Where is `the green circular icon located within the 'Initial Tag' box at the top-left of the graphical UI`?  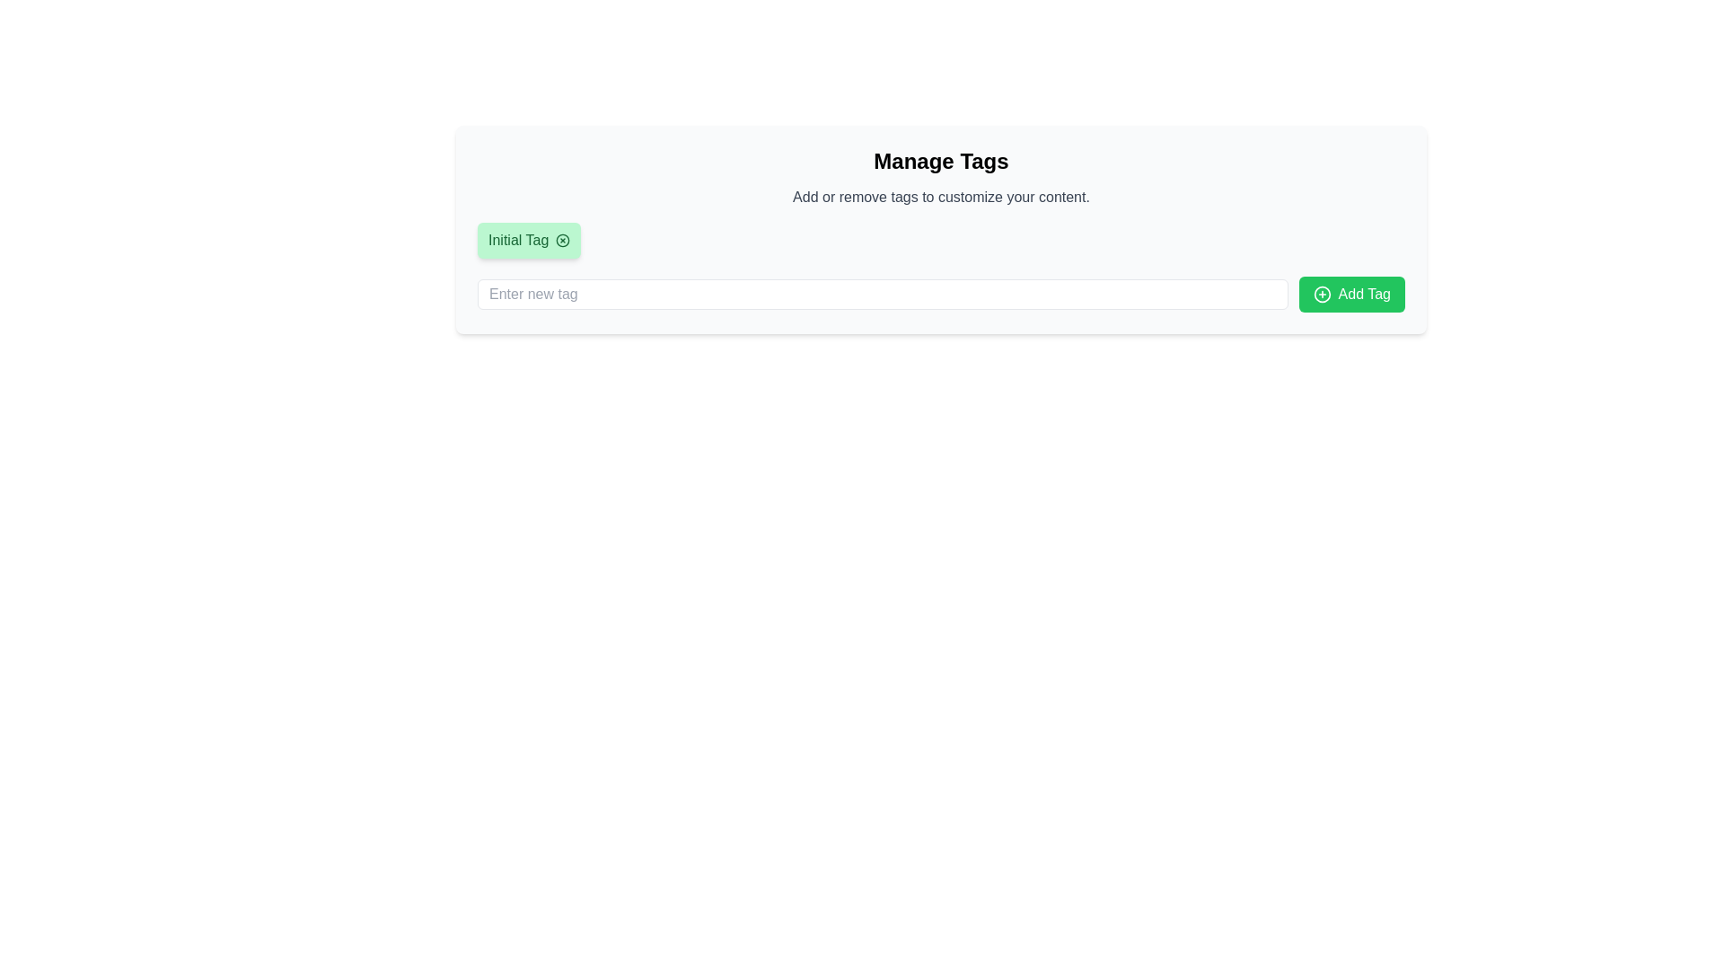 the green circular icon located within the 'Initial Tag' box at the top-left of the graphical UI is located at coordinates (562, 239).